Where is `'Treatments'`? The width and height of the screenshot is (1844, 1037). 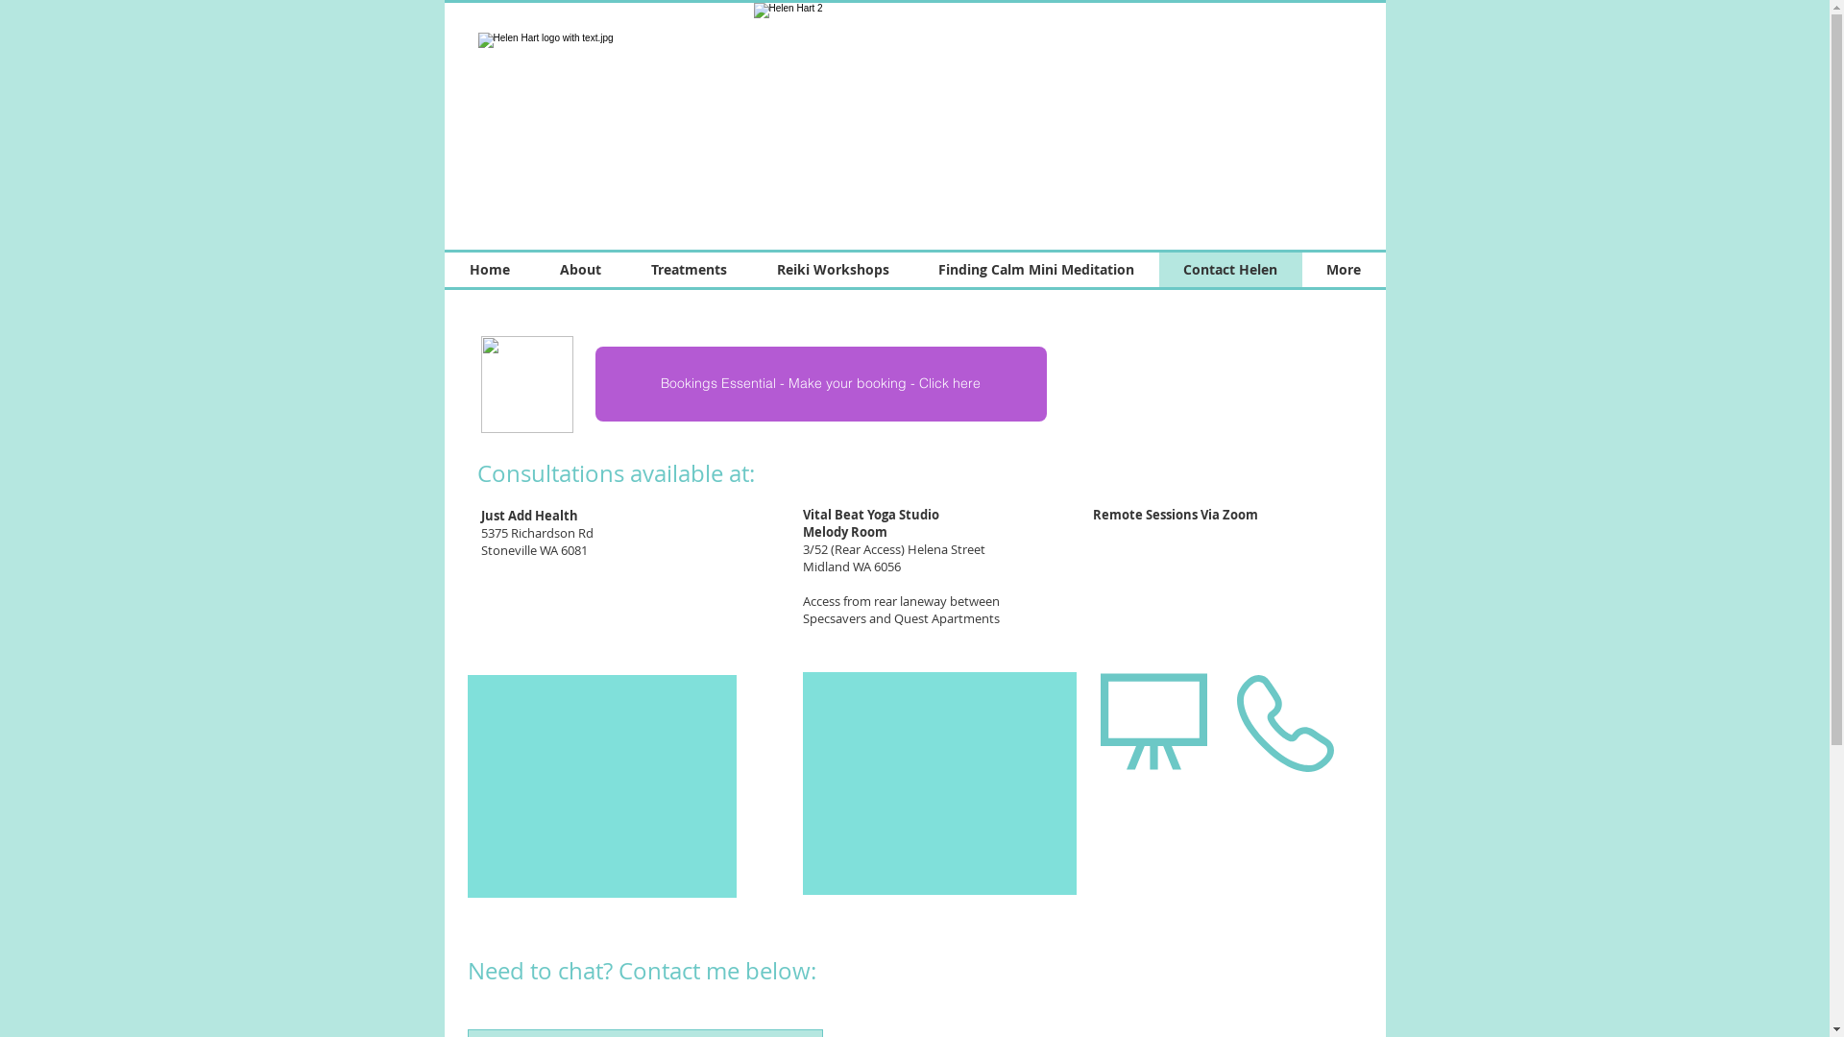 'Treatments' is located at coordinates (689, 270).